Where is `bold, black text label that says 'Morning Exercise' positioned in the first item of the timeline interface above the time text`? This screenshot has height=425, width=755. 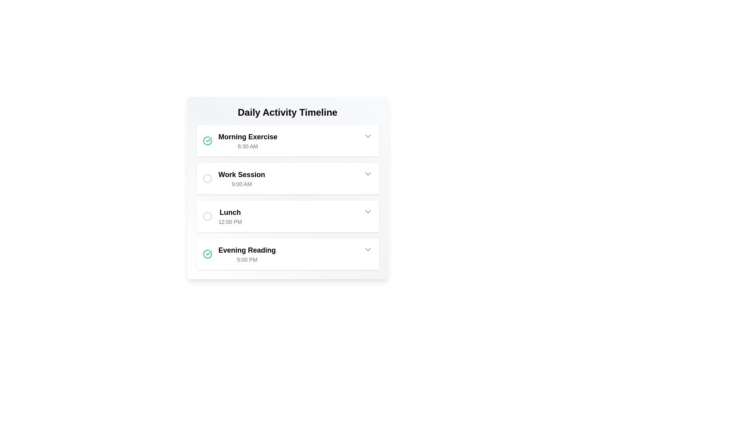 bold, black text label that says 'Morning Exercise' positioned in the first item of the timeline interface above the time text is located at coordinates (247, 136).